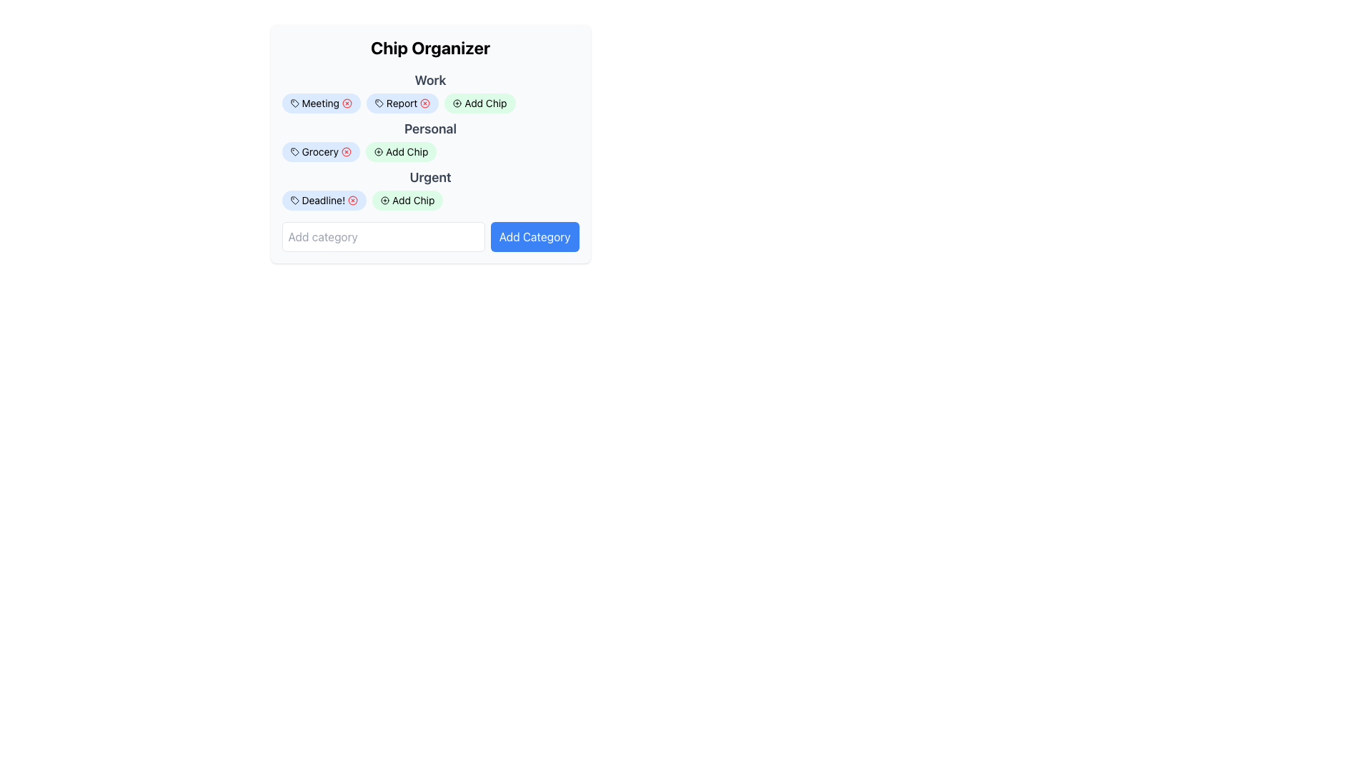 The width and height of the screenshot is (1372, 771). Describe the element at coordinates (429, 91) in the screenshot. I see `text label displaying 'Work', which is styled in bold, large dark gray font and located at the top of the component group` at that location.